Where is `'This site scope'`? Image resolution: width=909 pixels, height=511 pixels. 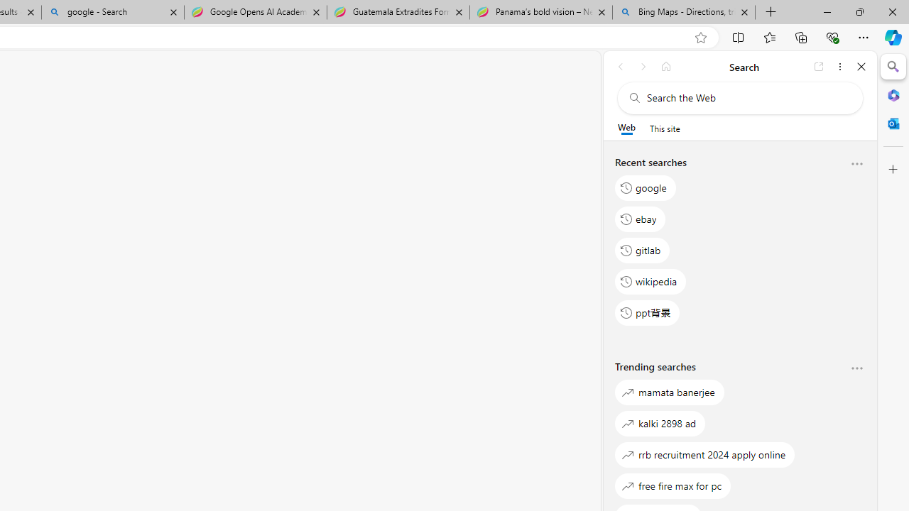 'This site scope' is located at coordinates (664, 128).